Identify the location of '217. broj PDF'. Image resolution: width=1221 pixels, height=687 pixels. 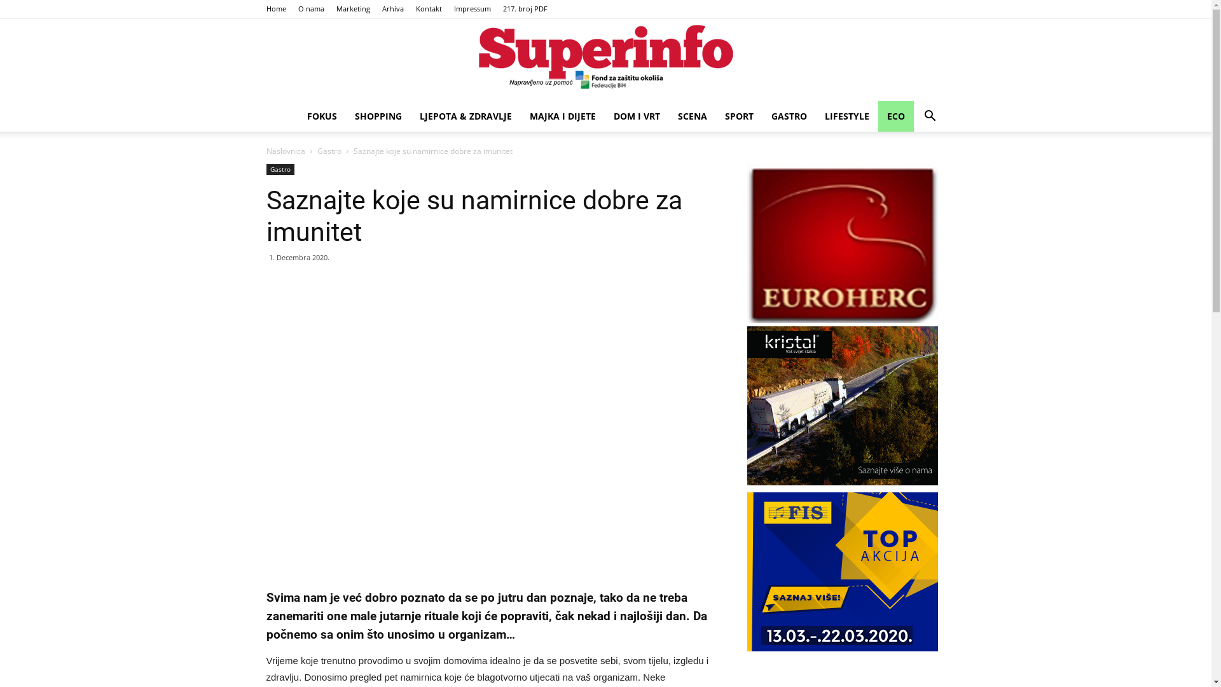
(525, 8).